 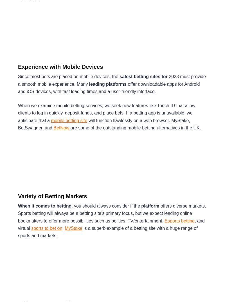 What do you see at coordinates (68, 76) in the screenshot?
I see `'Since most bets are placed on mobile devices, the'` at bounding box center [68, 76].